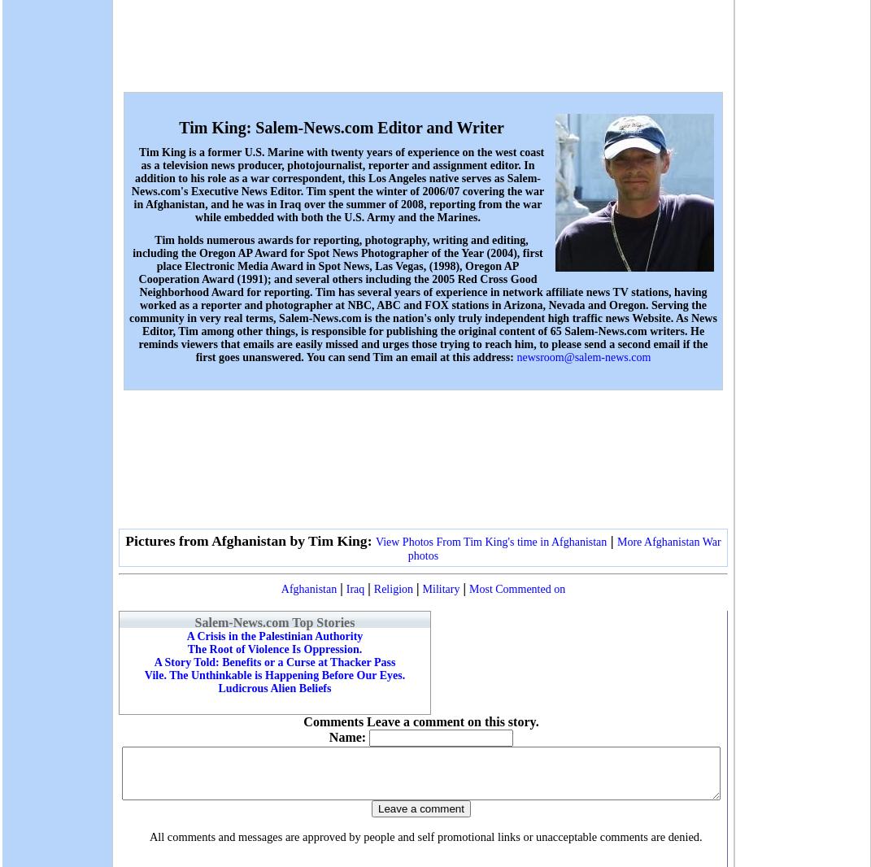 The image size is (871, 867). Describe the element at coordinates (338, 184) in the screenshot. I see `'Tim King is a former U.S. Marine with twenty years of experience on the west coast as a television news producer, photojournalist, reporter and assignment editor. In addition to his role as a war correspondent, this Los Angeles native serves as Salem-News.com's Executive News Editor.  Tim spent the winter of 2006/07 covering the war in Afghanistan, and he was in Iraq over the summer of 2008, reporting from the war while embedded with both the U.S. Army and the Marines.'` at that location.